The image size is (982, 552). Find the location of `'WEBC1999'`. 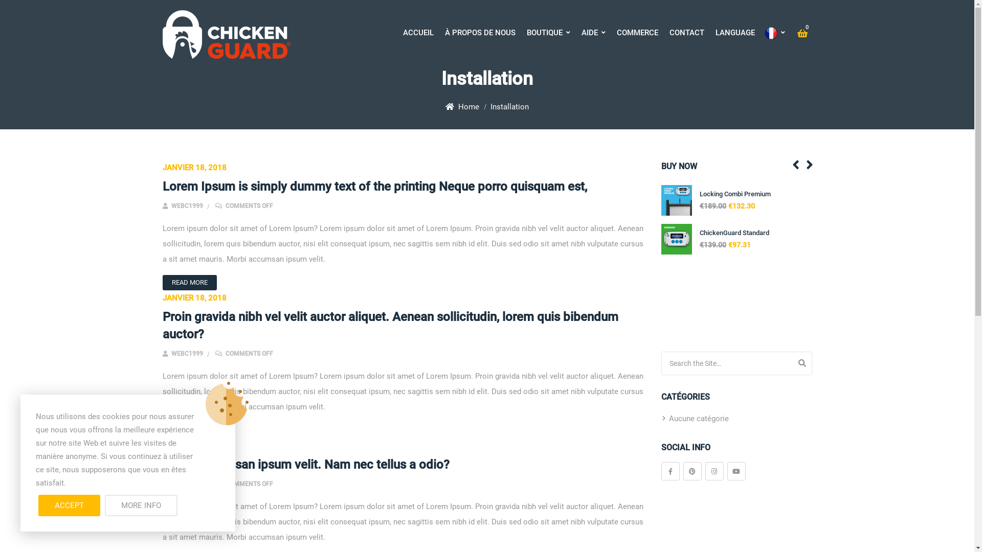

'WEBC1999' is located at coordinates (162, 484).